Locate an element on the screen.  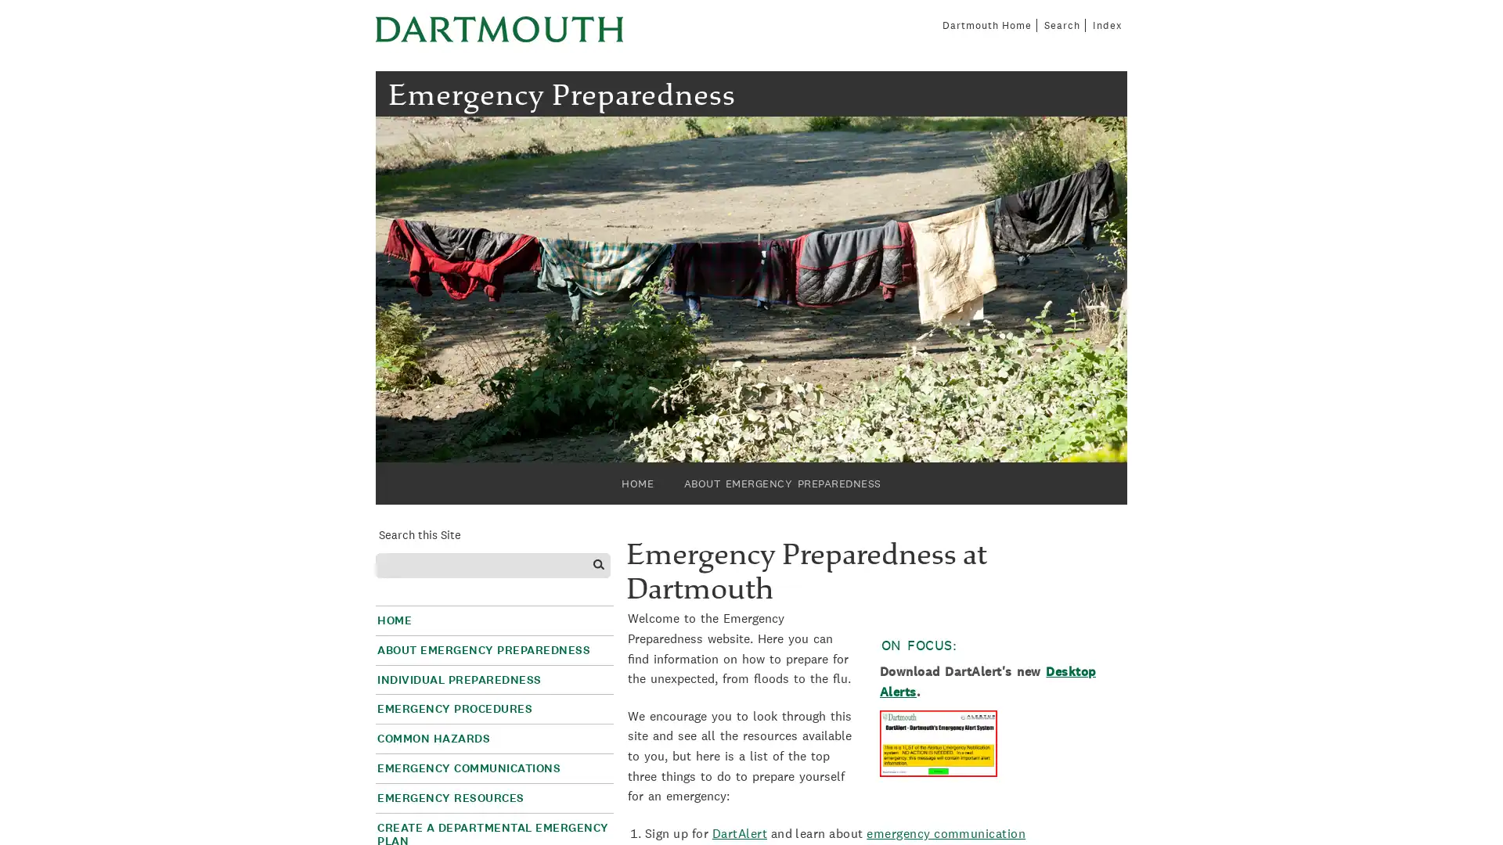
Search is located at coordinates (586, 564).